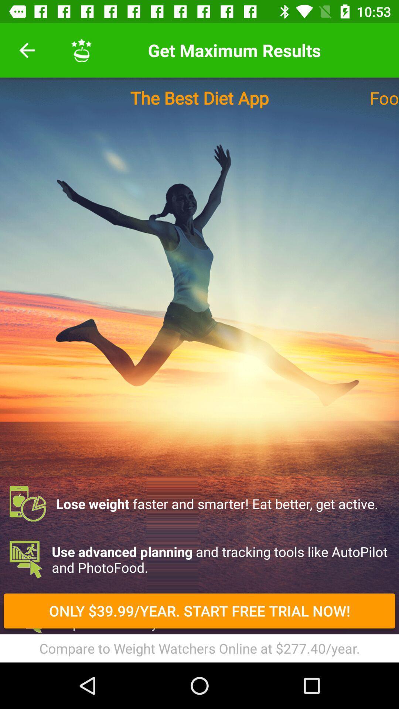  Describe the element at coordinates (199, 615) in the screenshot. I see `the get diet advice icon` at that location.